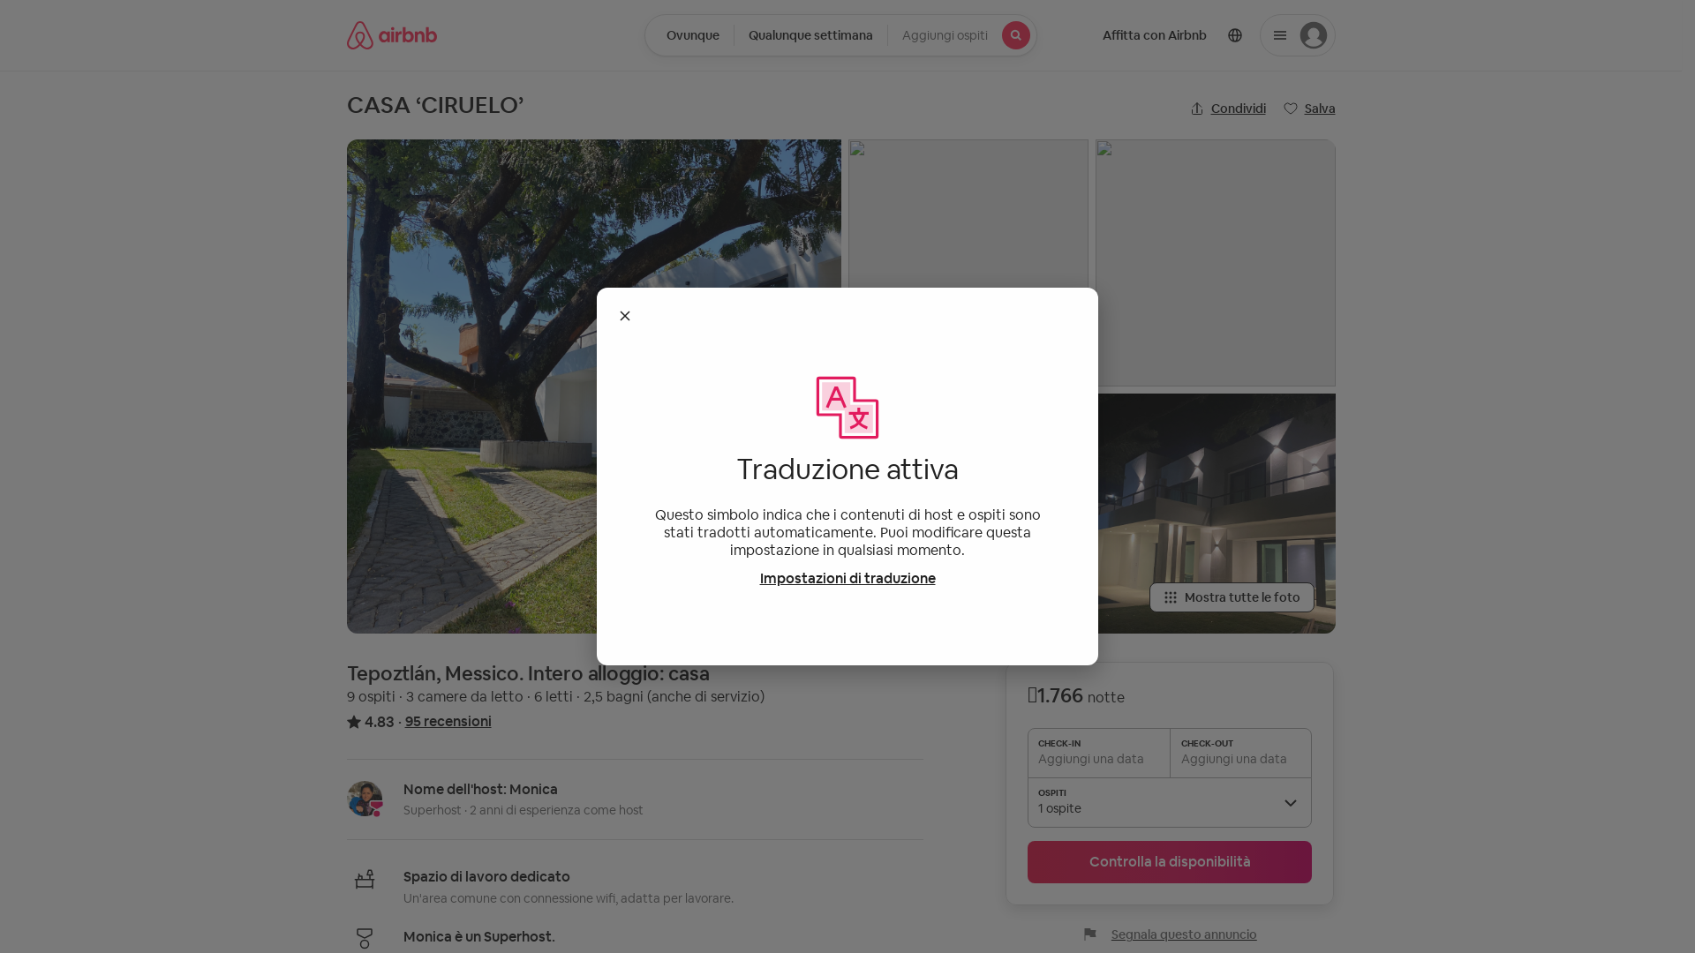  I want to click on 'Dove, so click(689, 34).